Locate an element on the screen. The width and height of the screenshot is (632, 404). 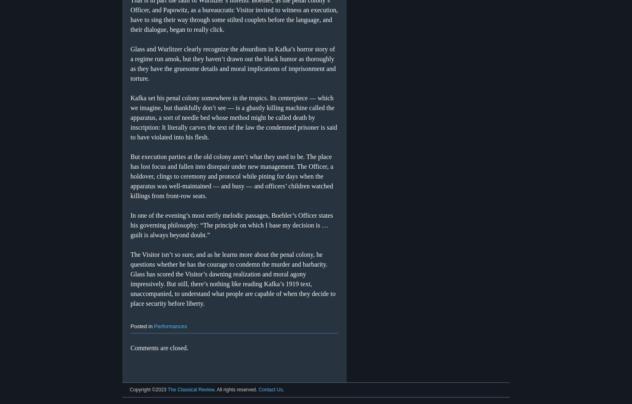
'Performances' is located at coordinates (153, 326).